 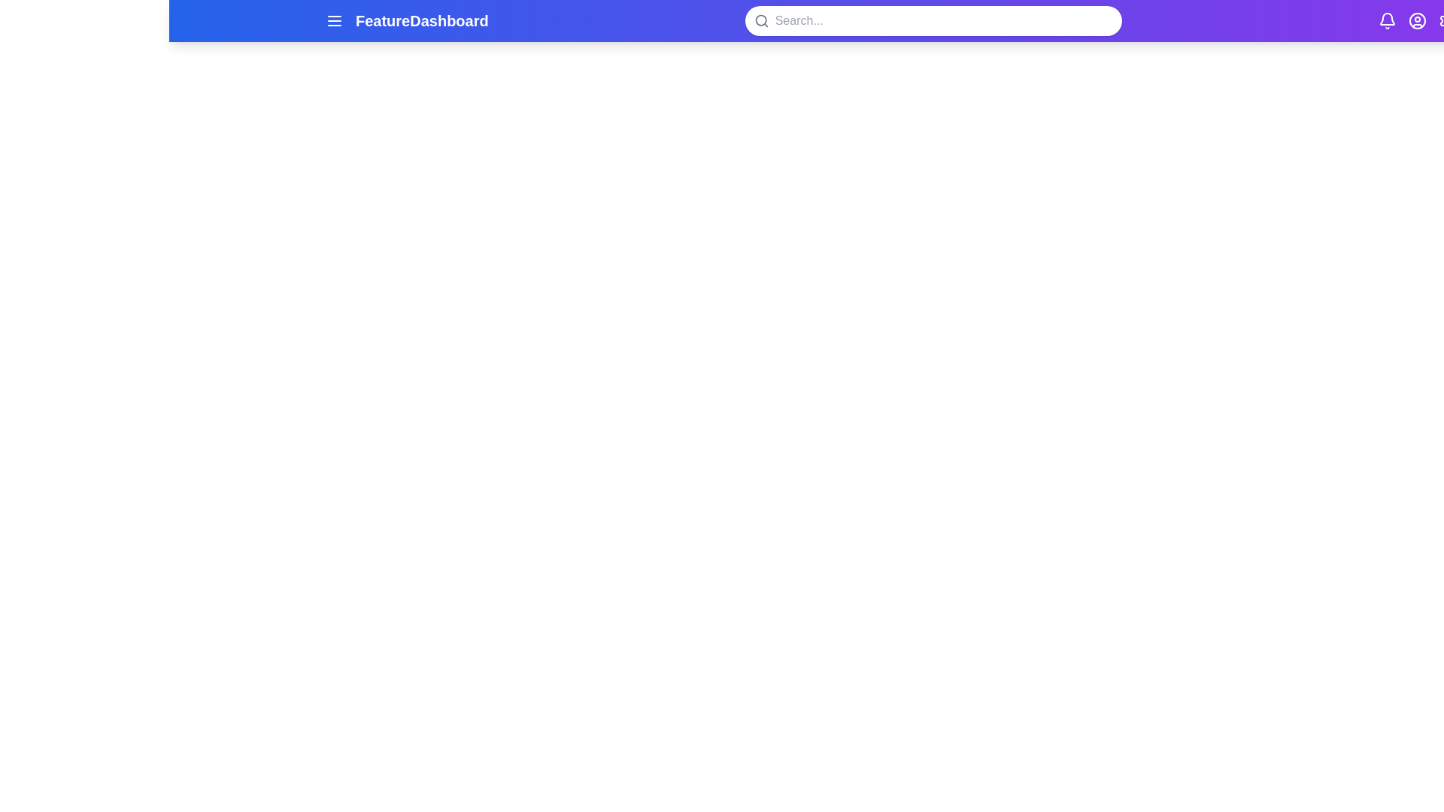 What do you see at coordinates (1386, 19) in the screenshot?
I see `the bell icon located at the top-right corner of the interface, which is associated with notifications` at bounding box center [1386, 19].